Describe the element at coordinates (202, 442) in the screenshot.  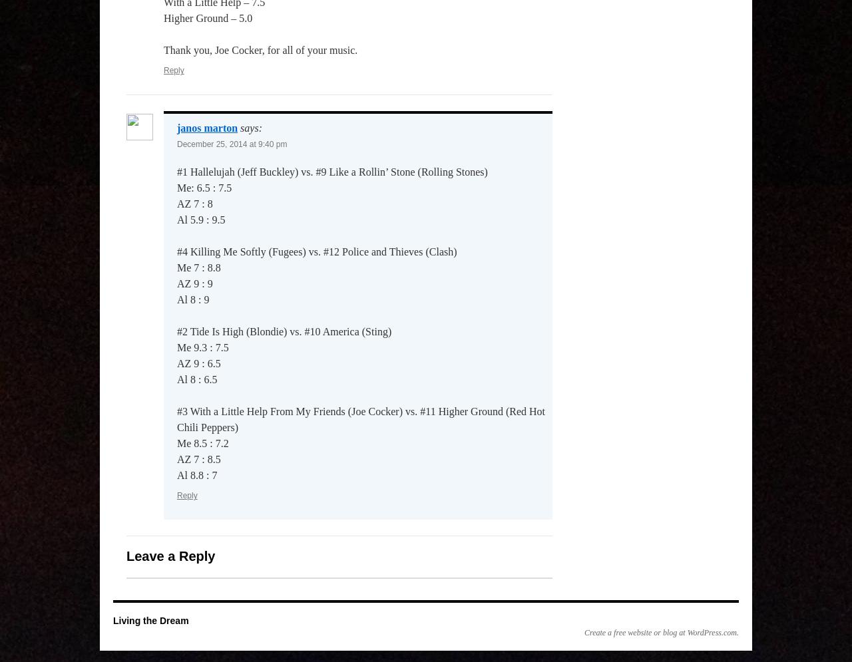
I see `'Me  8.5 : 7.2'` at that location.